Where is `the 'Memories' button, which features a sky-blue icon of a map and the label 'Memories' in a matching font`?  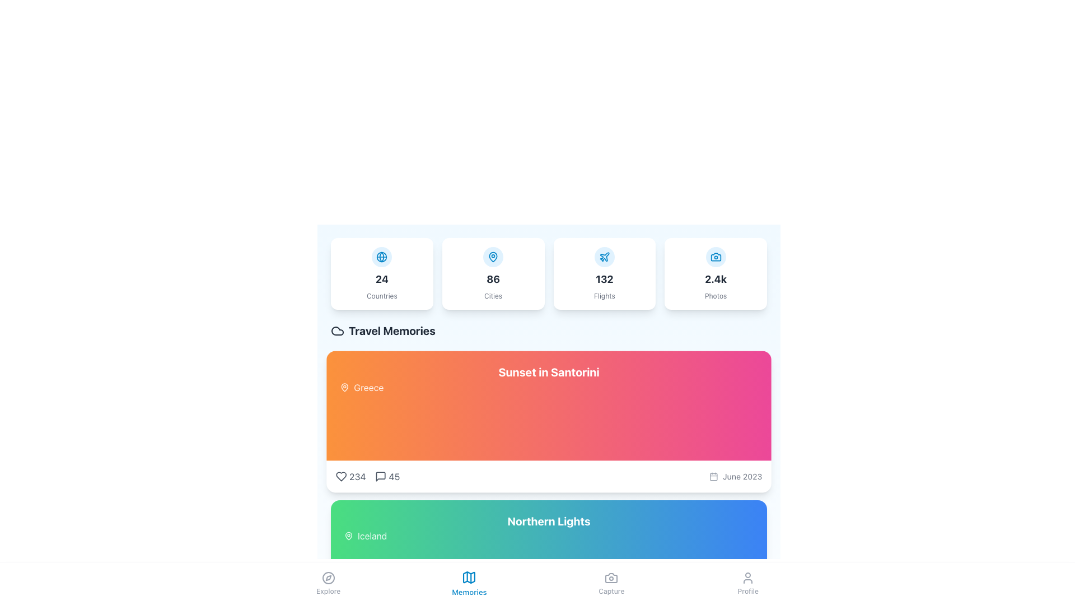
the 'Memories' button, which features a sky-blue icon of a map and the label 'Memories' in a matching font is located at coordinates (469, 583).